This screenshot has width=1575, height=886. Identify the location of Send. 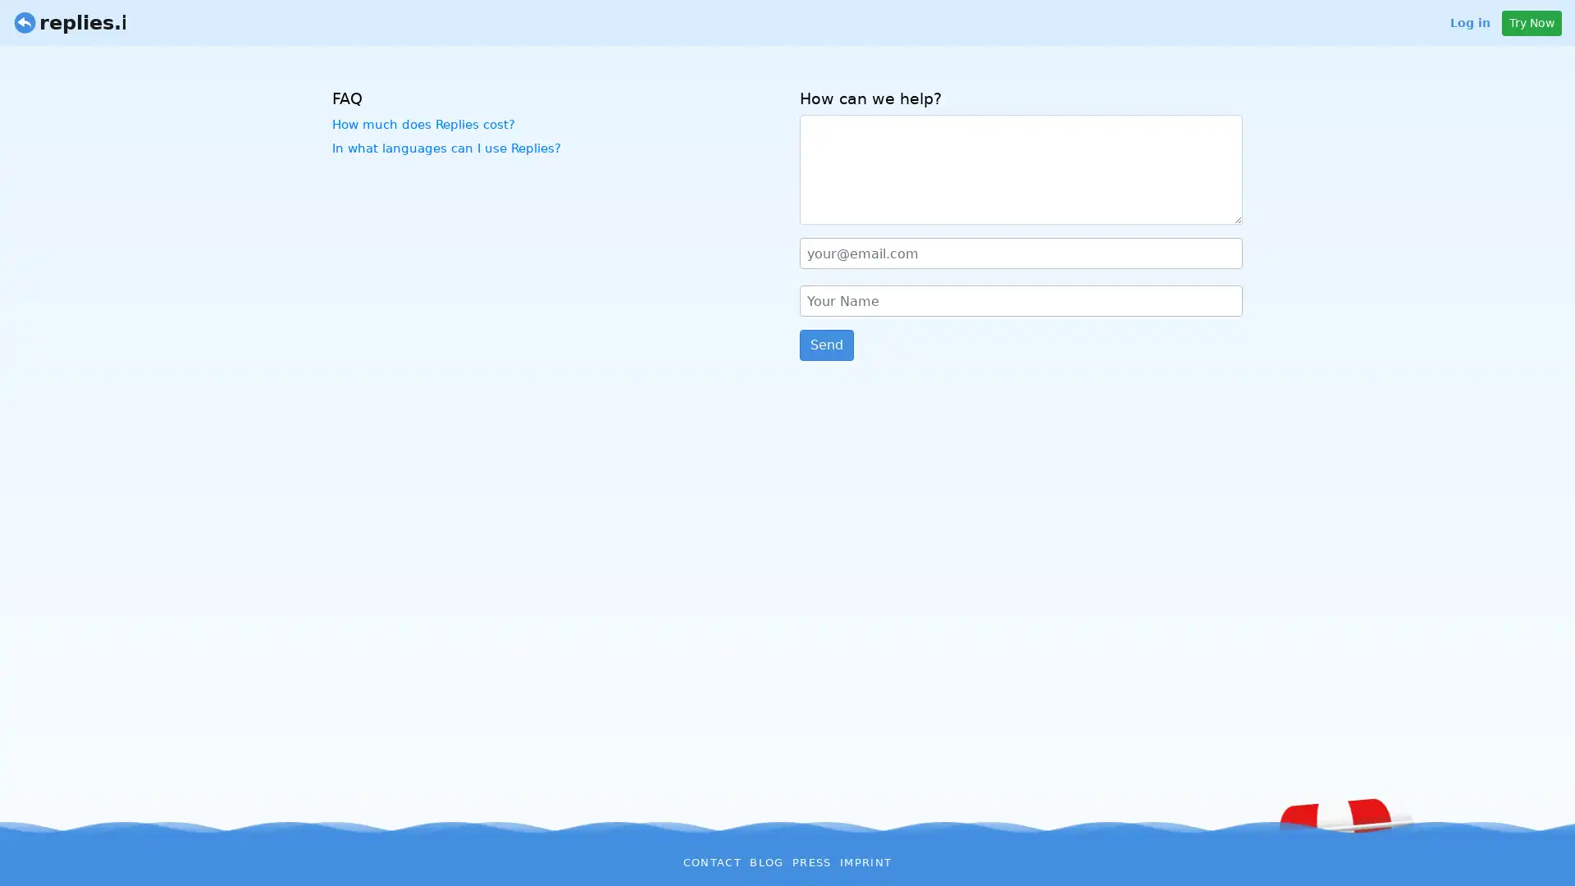
(827, 344).